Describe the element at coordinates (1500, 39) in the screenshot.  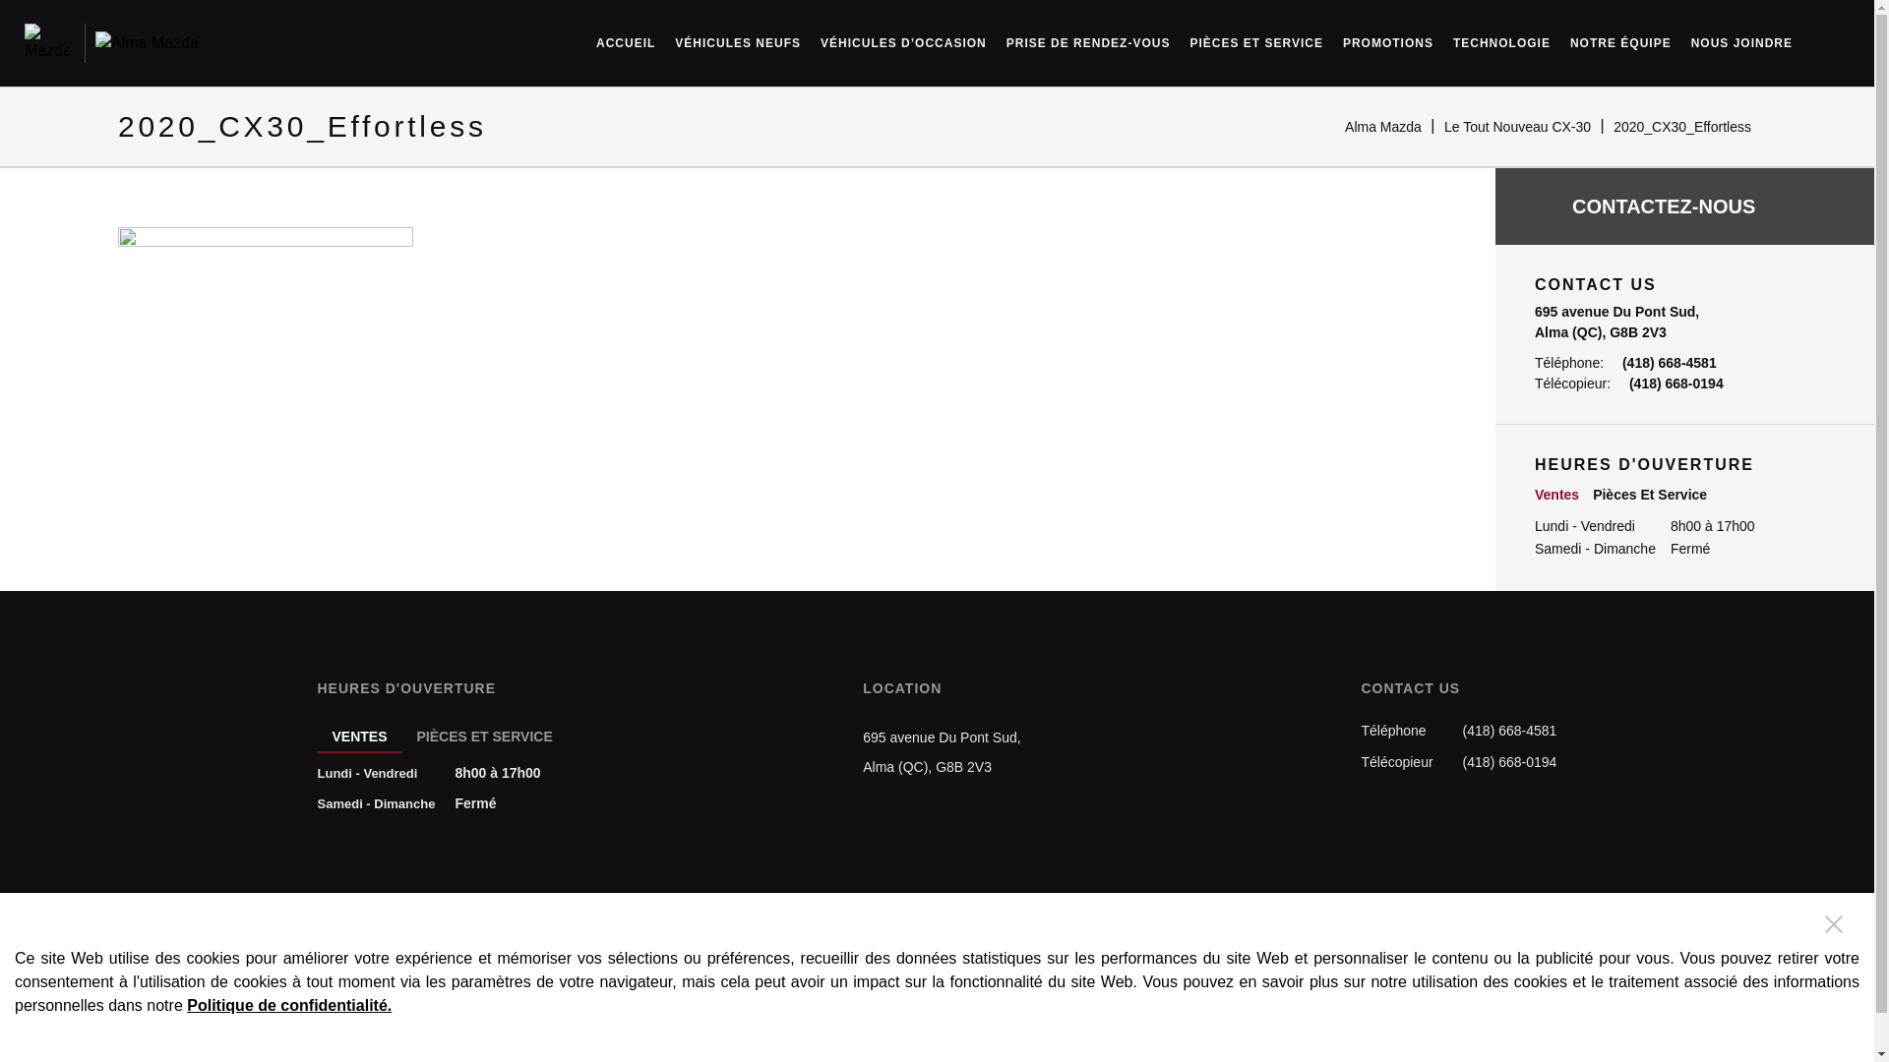
I see `'TECHNOLOGIE'` at that location.